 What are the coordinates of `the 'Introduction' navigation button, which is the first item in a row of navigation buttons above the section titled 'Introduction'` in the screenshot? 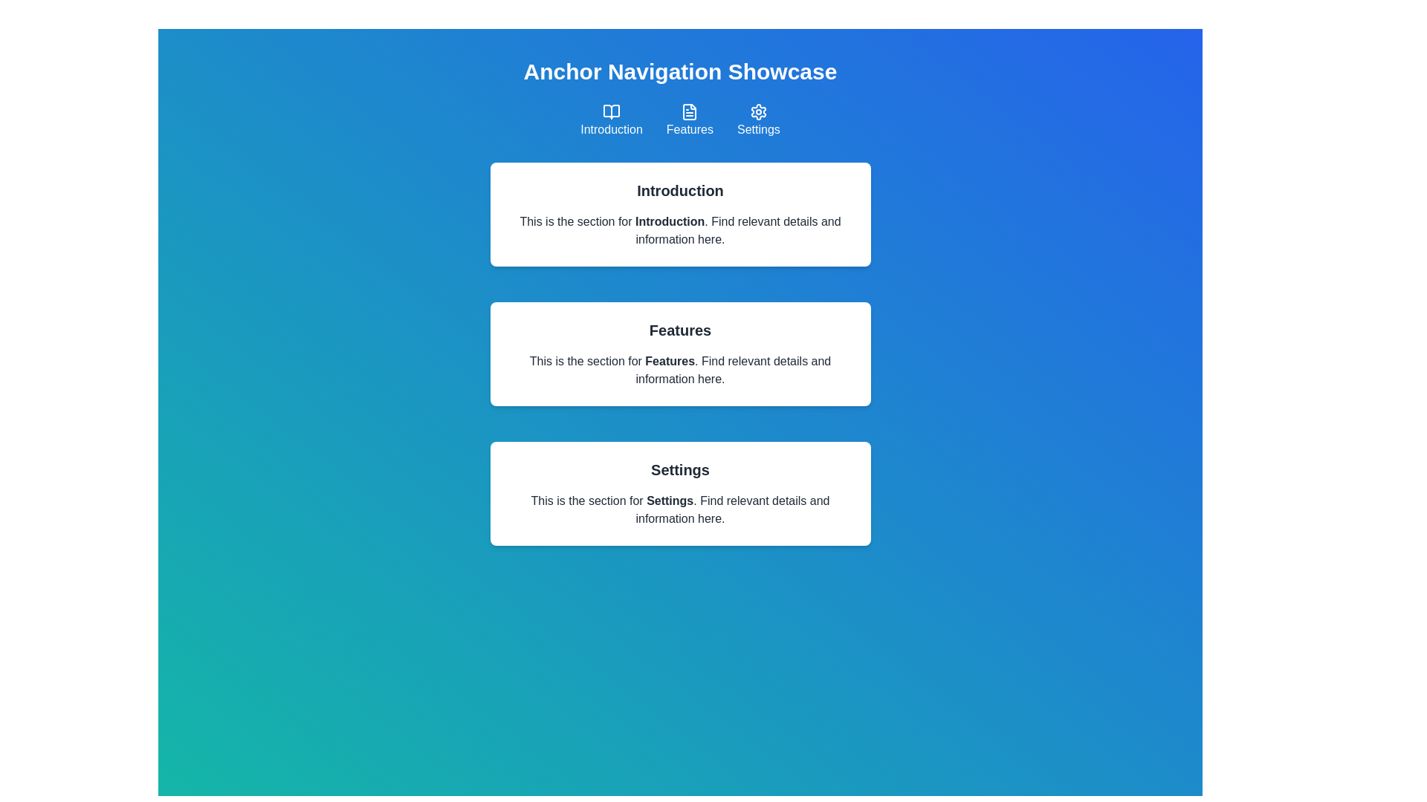 It's located at (612, 120).